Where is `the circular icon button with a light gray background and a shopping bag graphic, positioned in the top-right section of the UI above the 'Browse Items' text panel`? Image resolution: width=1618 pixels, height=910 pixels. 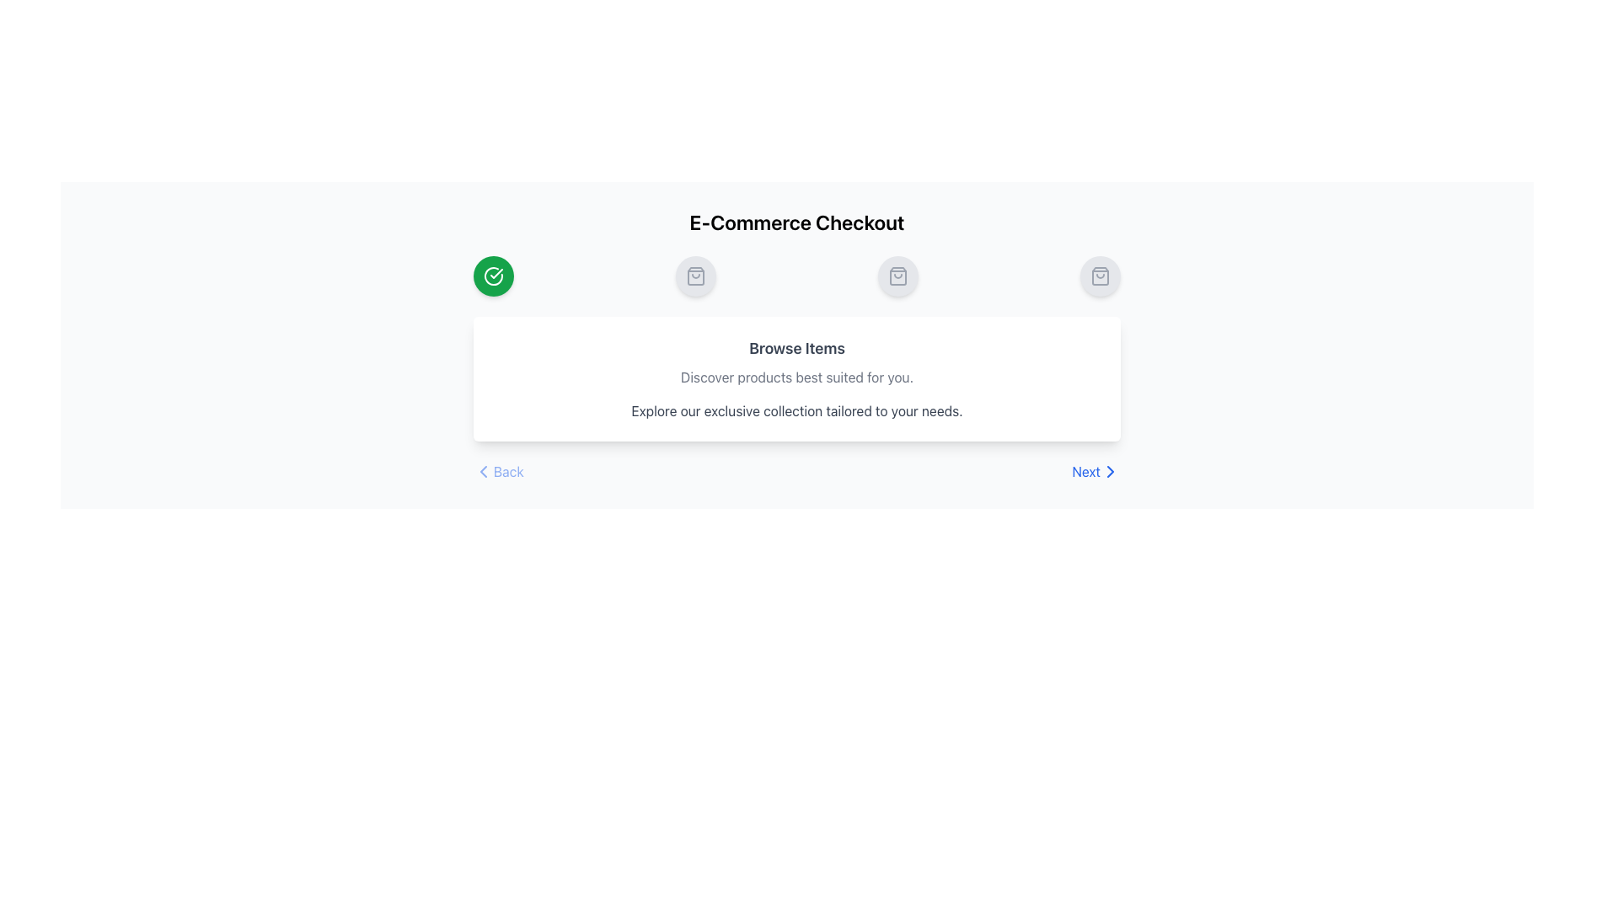
the circular icon button with a light gray background and a shopping bag graphic, positioned in the top-right section of the UI above the 'Browse Items' text panel is located at coordinates (1100, 275).